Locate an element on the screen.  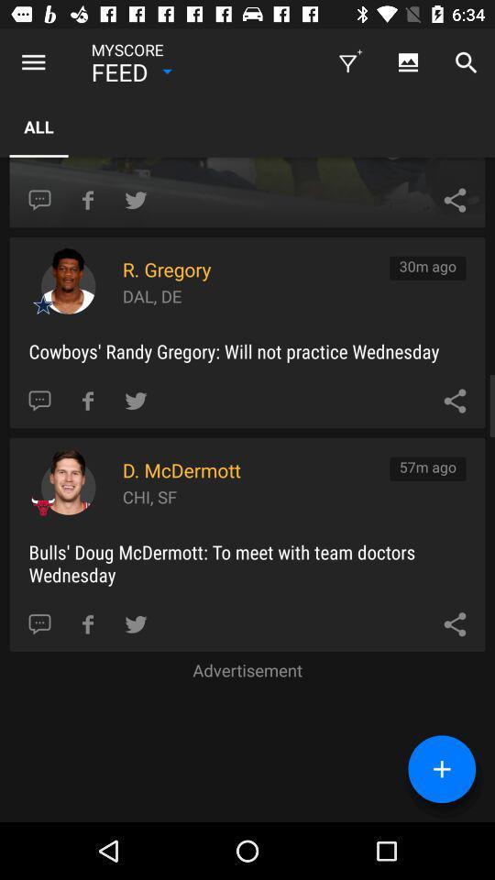
the add icon is located at coordinates (441, 769).